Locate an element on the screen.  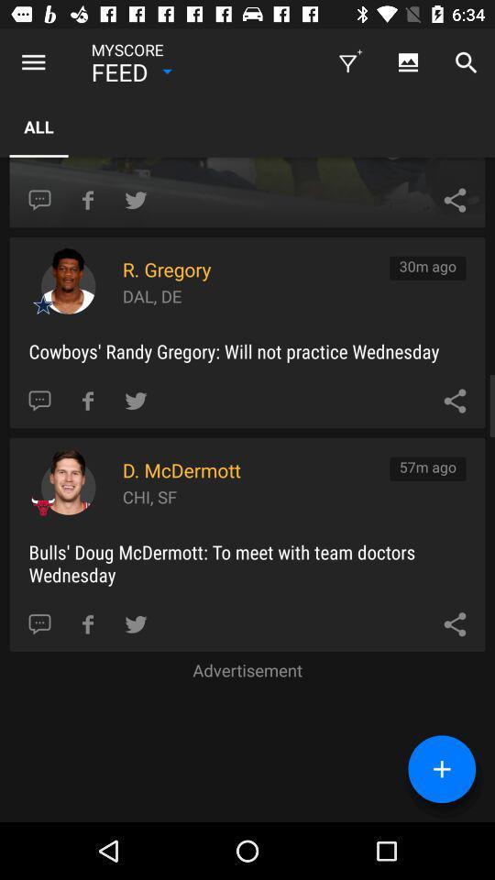
the add icon is located at coordinates (441, 769).